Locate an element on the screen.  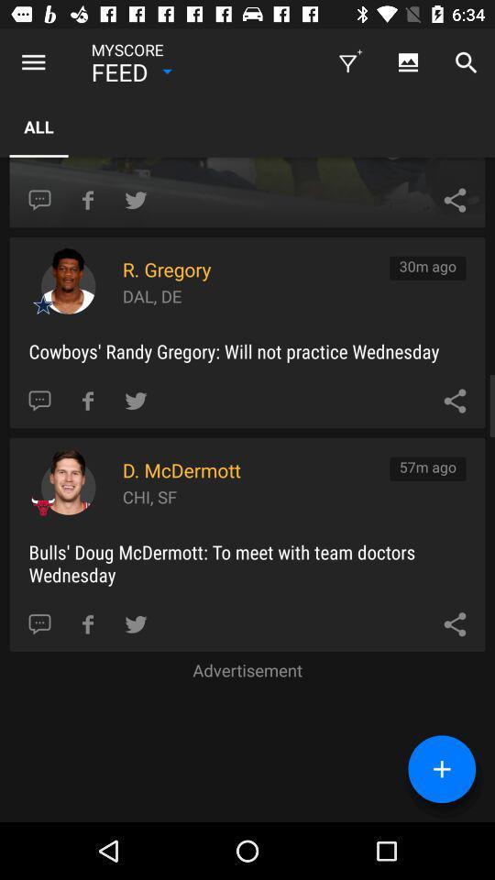
the add icon is located at coordinates (441, 769).